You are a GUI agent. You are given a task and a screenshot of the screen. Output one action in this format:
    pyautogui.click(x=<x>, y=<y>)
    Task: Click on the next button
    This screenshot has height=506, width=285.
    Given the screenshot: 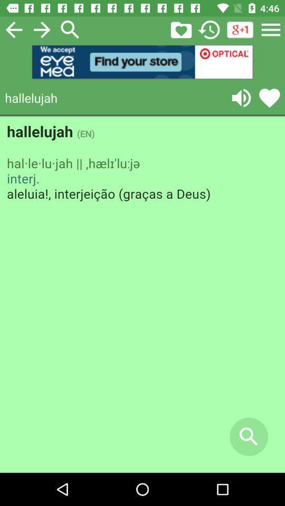 What is the action you would take?
    pyautogui.click(x=41, y=29)
    